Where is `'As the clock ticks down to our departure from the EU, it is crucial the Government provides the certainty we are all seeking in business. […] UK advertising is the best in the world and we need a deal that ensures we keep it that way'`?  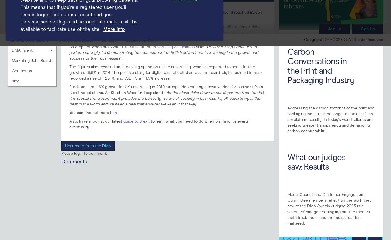
'As the clock ticks down to our departure from the EU, it is crucial the Government provides the certainty we are all seeking in business. […] UK advertising is the best in the world and we need a deal that ensures we keep it that way' is located at coordinates (166, 98).